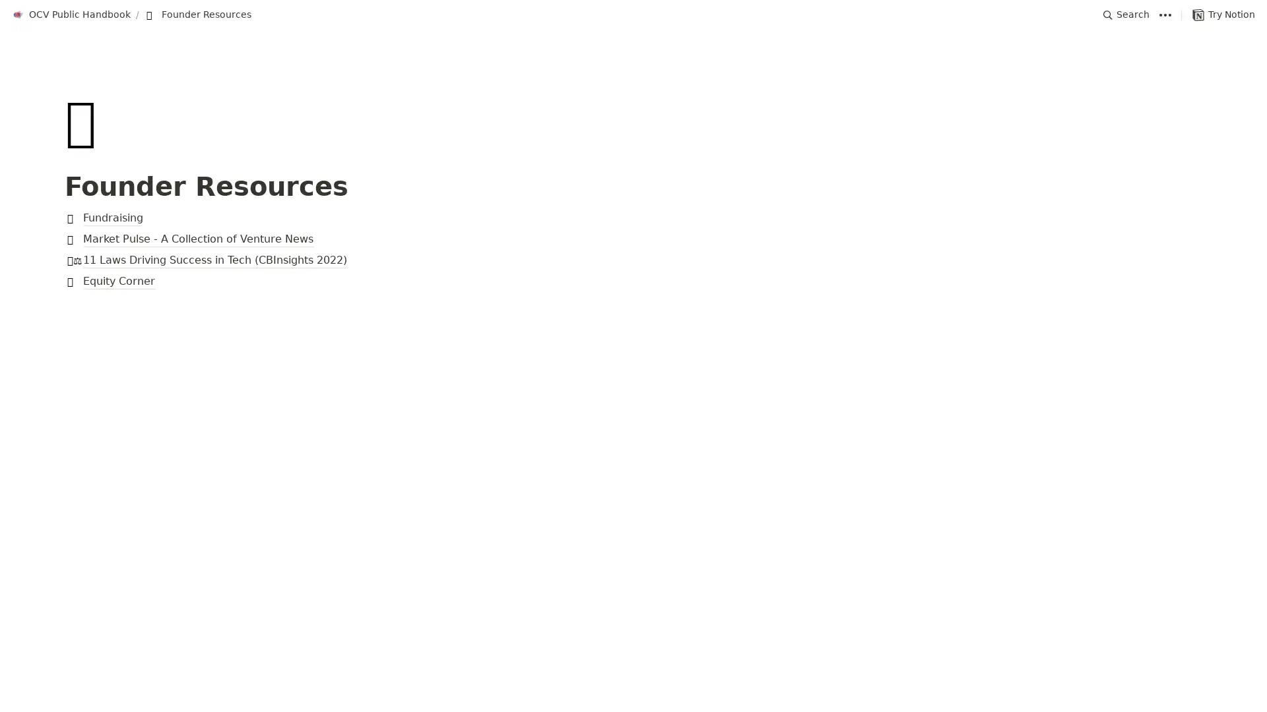 This screenshot has height=712, width=1267. Describe the element at coordinates (633, 261) in the screenshot. I see `11 Laws Driving Success in Tech (CBInsights 2022)` at that location.